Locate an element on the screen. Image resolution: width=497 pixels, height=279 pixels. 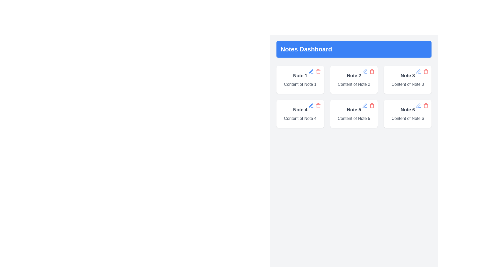
the delete icon button for the Note 4 widget is located at coordinates (318, 105).